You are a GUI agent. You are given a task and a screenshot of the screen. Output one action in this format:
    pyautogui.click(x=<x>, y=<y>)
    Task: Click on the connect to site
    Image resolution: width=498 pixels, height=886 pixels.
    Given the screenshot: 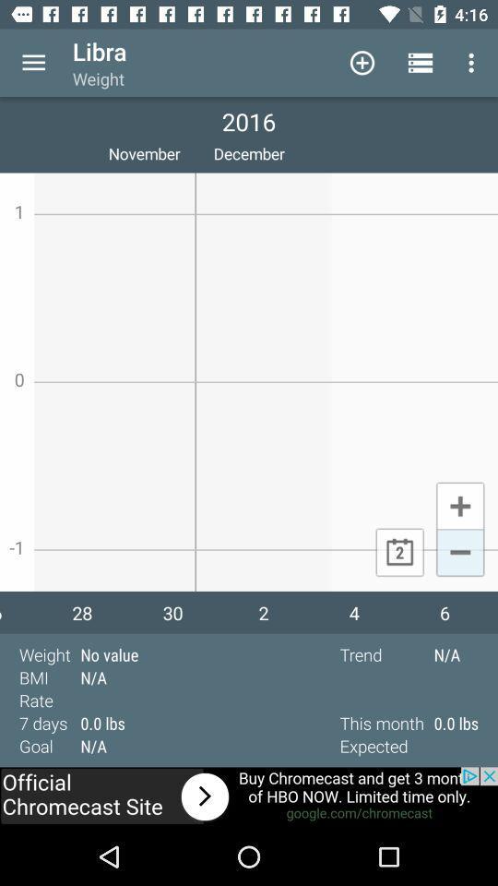 What is the action you would take?
    pyautogui.click(x=249, y=796)
    